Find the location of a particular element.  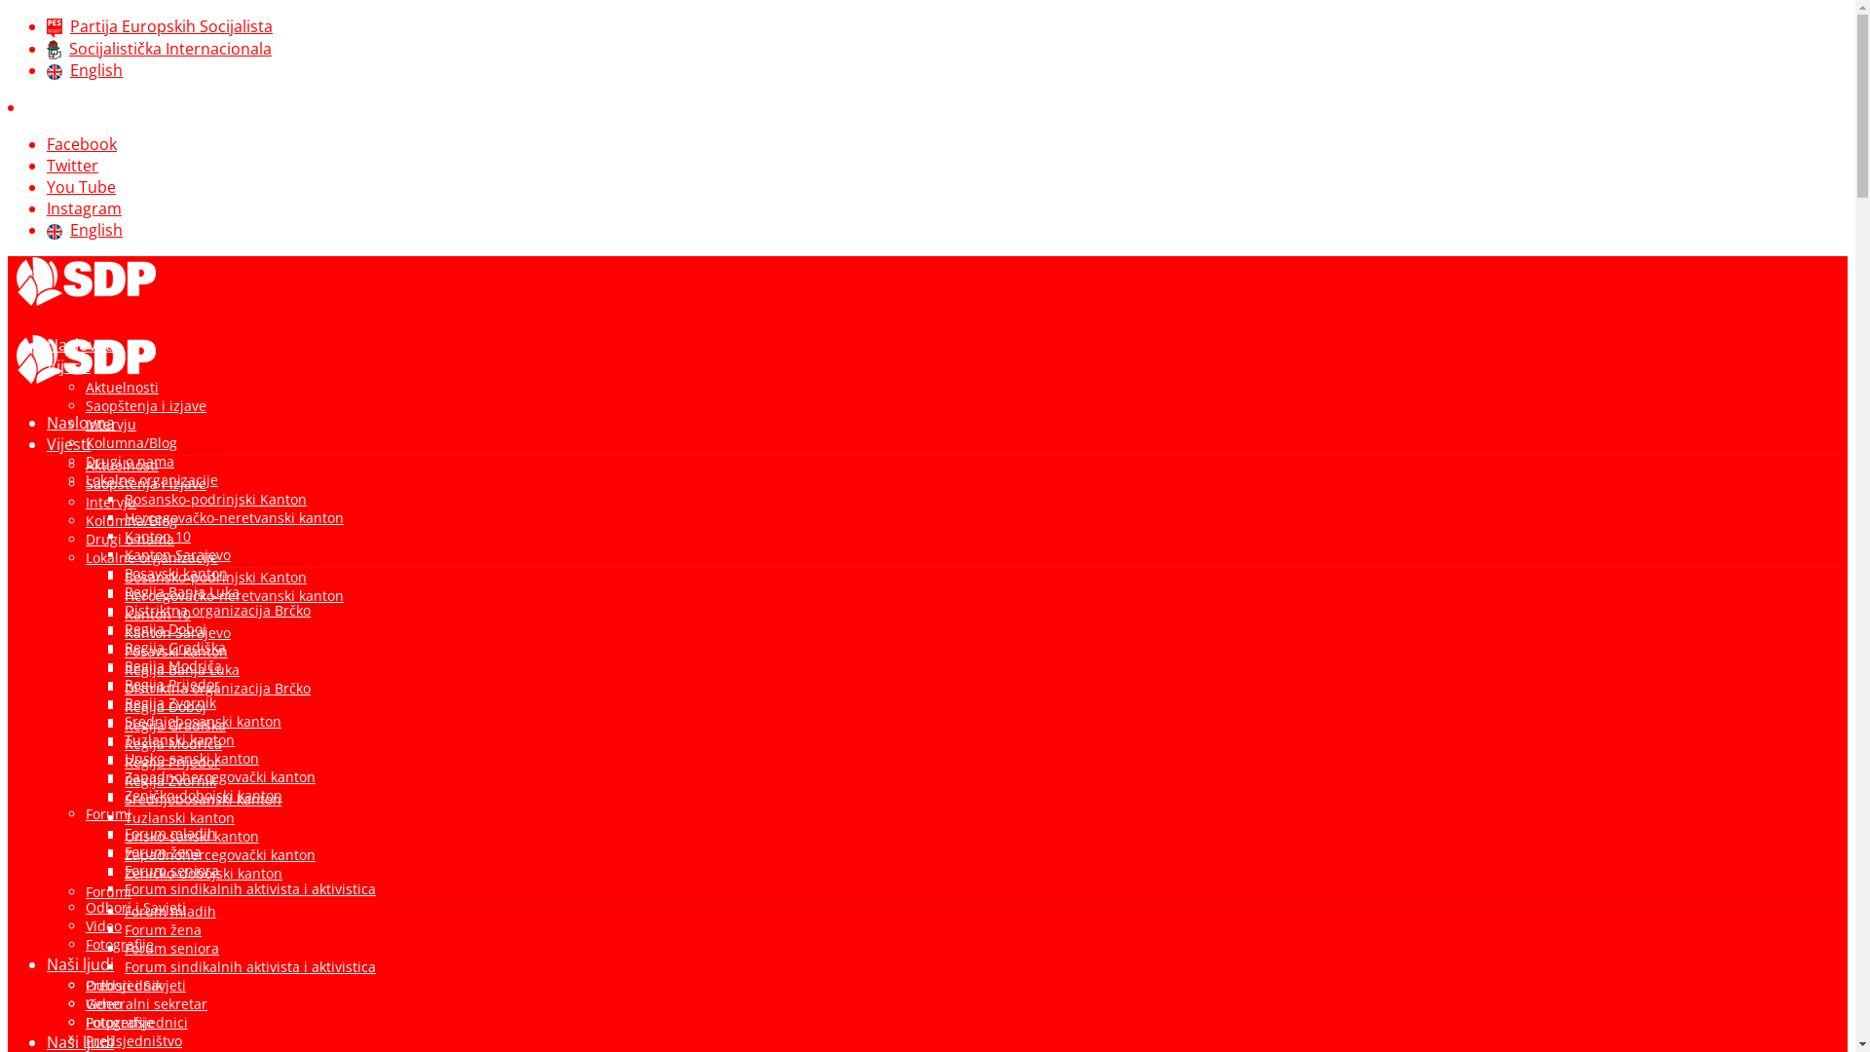

'Intervju' is located at coordinates (110, 501).